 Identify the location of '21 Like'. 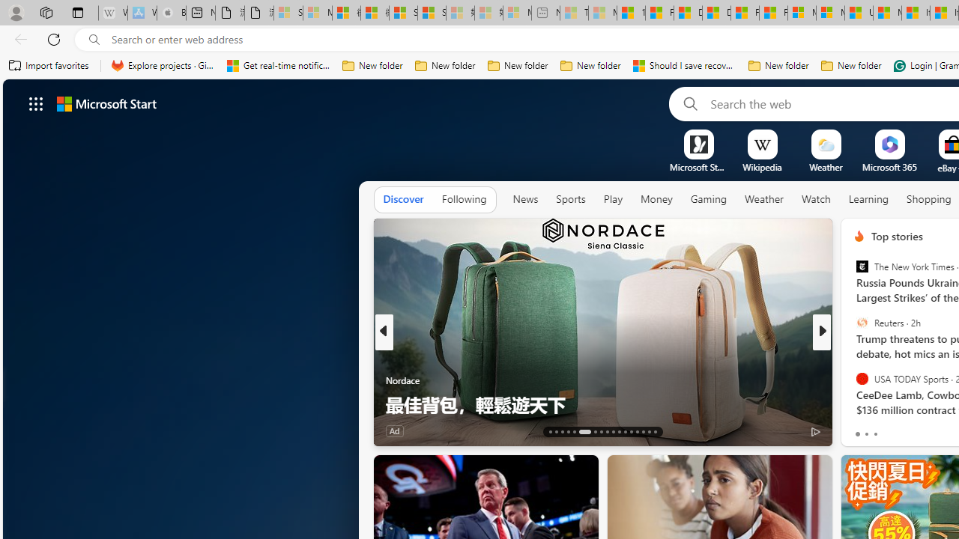
(861, 430).